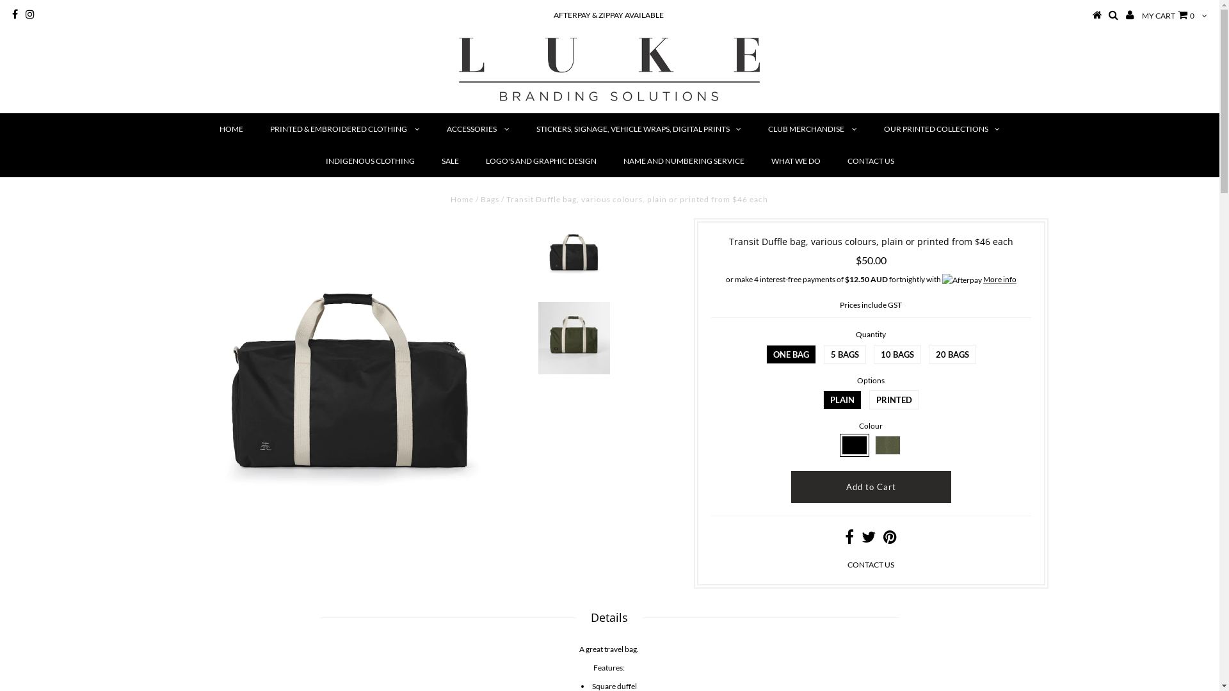 The width and height of the screenshot is (1229, 691). I want to click on 'SALE', so click(450, 160).